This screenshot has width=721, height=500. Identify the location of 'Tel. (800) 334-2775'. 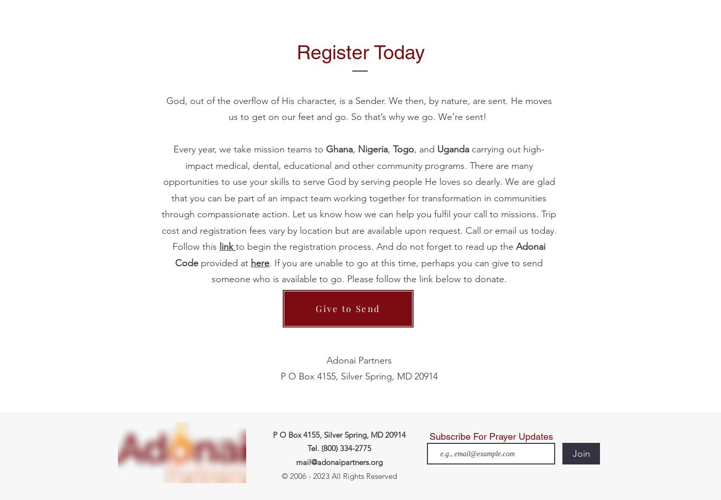
(307, 448).